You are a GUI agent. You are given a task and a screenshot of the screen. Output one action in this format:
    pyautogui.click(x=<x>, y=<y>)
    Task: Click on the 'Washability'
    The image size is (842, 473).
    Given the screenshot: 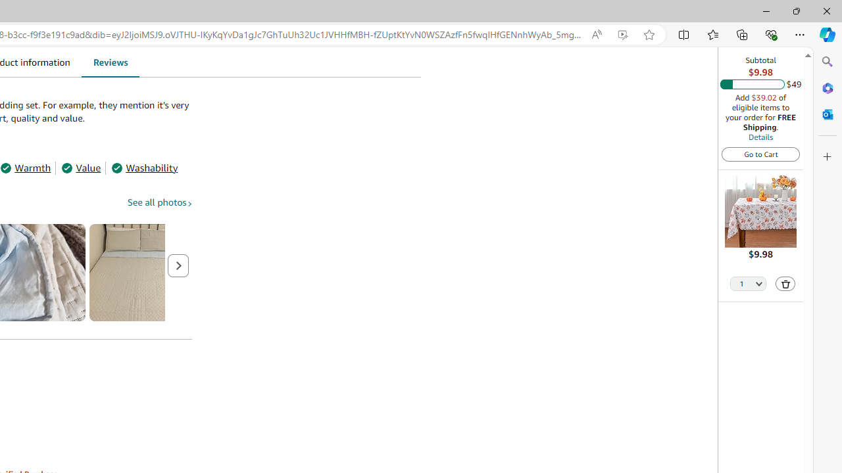 What is the action you would take?
    pyautogui.click(x=145, y=167)
    